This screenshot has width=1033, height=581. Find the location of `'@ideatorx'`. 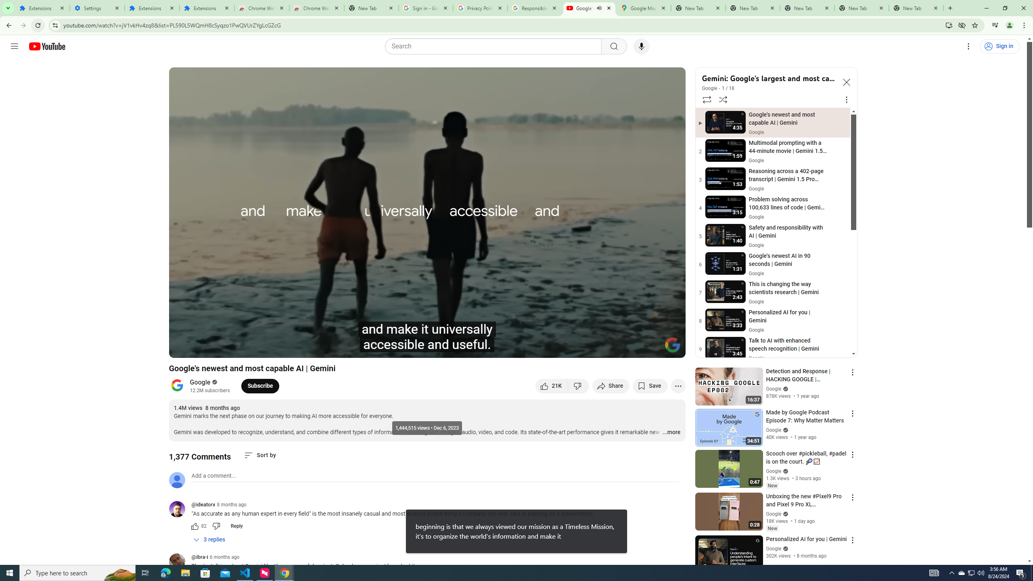

'@ideatorx' is located at coordinates (180, 509).